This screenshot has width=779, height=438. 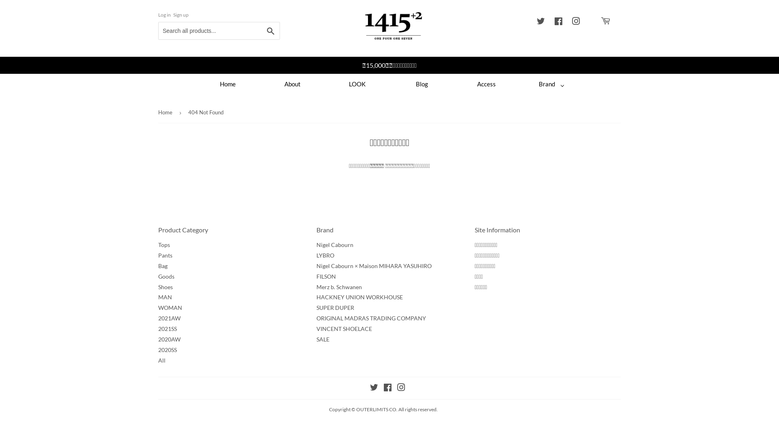 I want to click on 'Pants', so click(x=158, y=255).